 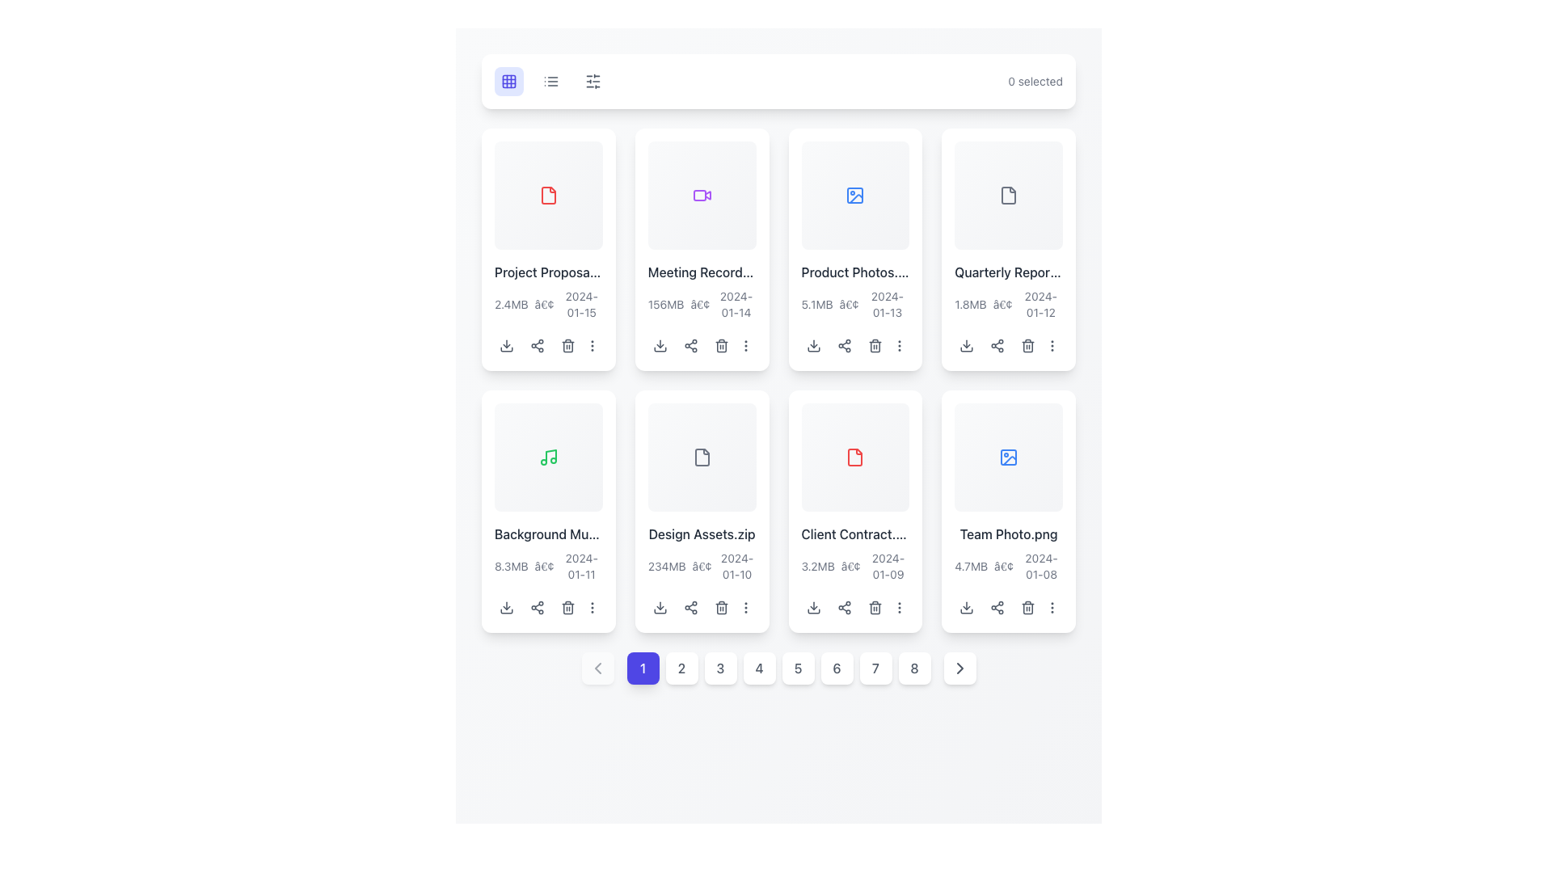 What do you see at coordinates (886, 304) in the screenshot?
I see `the static text label displaying the date '2024-01-13', which is rendered in light gray and located in the third tile of the top row, below 'Product Photos'` at bounding box center [886, 304].